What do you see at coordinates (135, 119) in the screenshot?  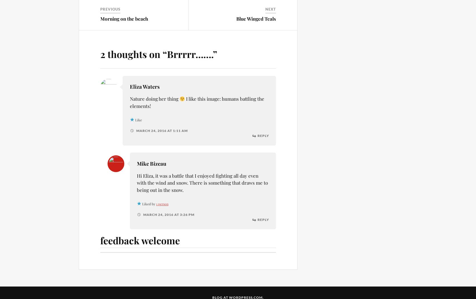 I see `'Like'` at bounding box center [135, 119].